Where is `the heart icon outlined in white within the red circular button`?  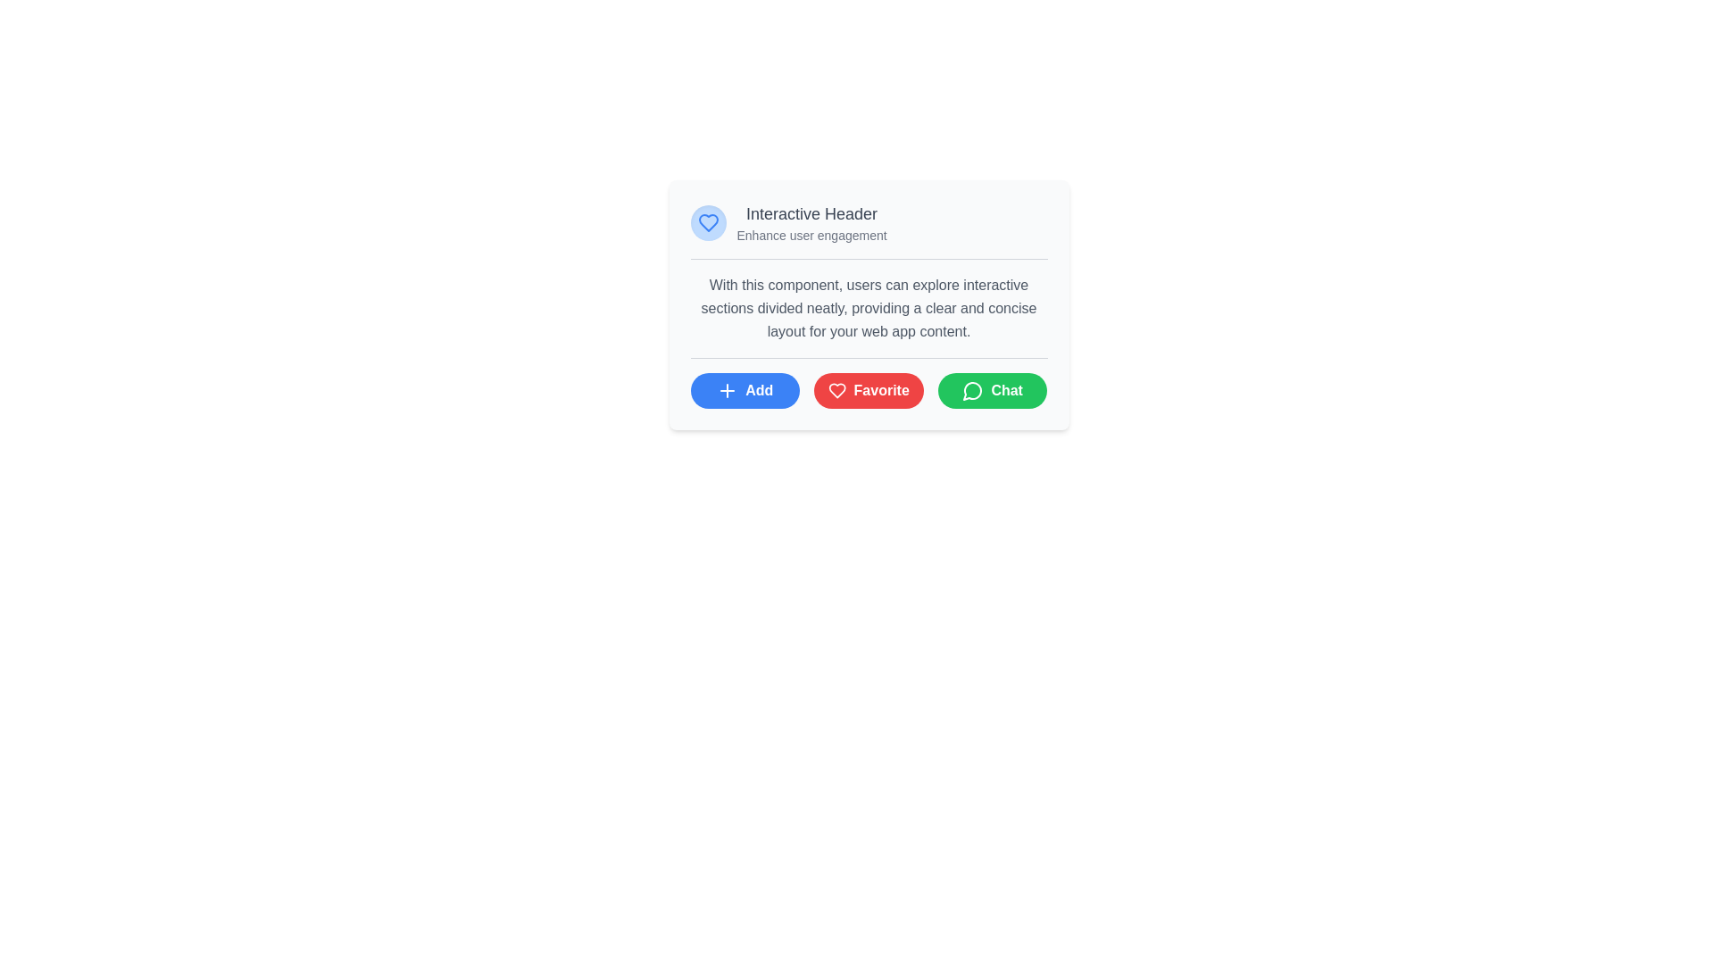
the heart icon outlined in white within the red circular button is located at coordinates (836, 390).